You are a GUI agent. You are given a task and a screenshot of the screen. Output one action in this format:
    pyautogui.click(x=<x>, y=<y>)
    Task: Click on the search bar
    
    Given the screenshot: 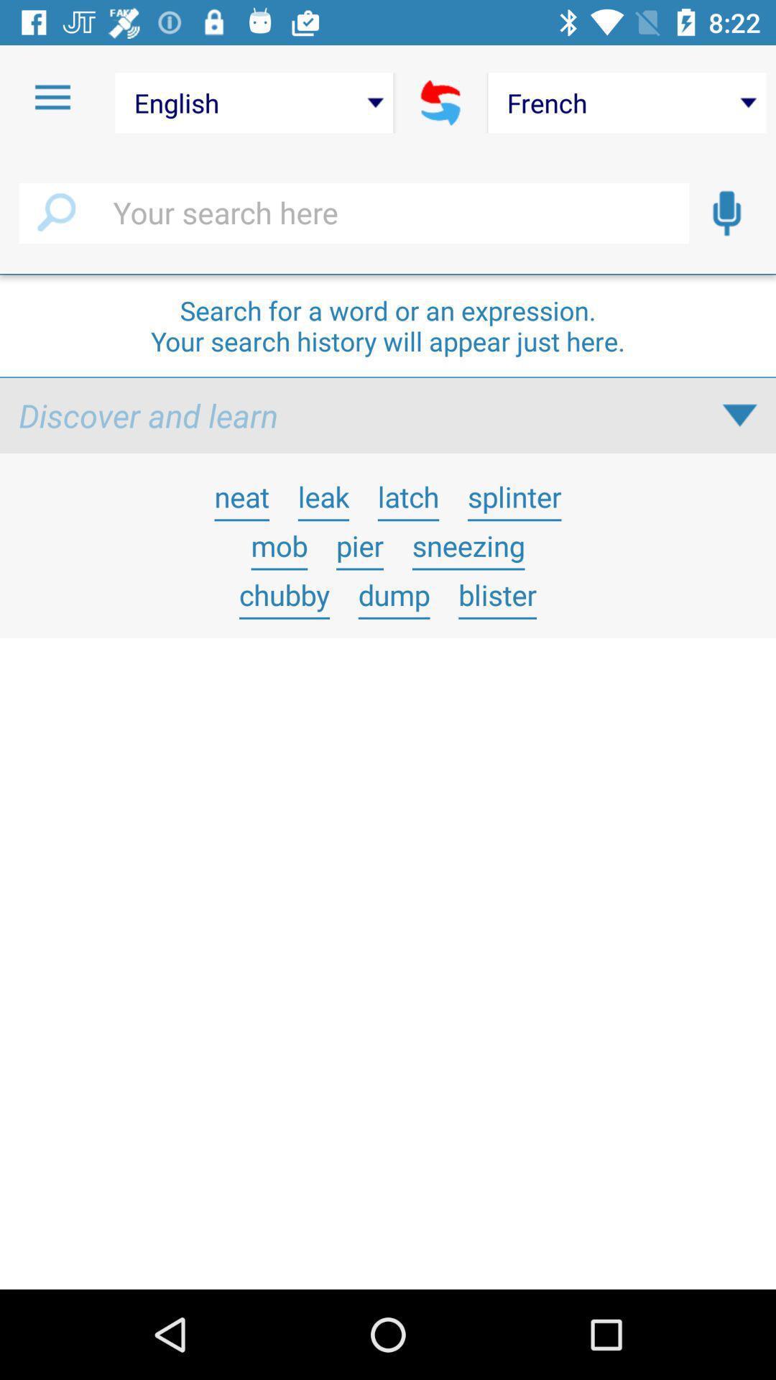 What is the action you would take?
    pyautogui.click(x=354, y=213)
    